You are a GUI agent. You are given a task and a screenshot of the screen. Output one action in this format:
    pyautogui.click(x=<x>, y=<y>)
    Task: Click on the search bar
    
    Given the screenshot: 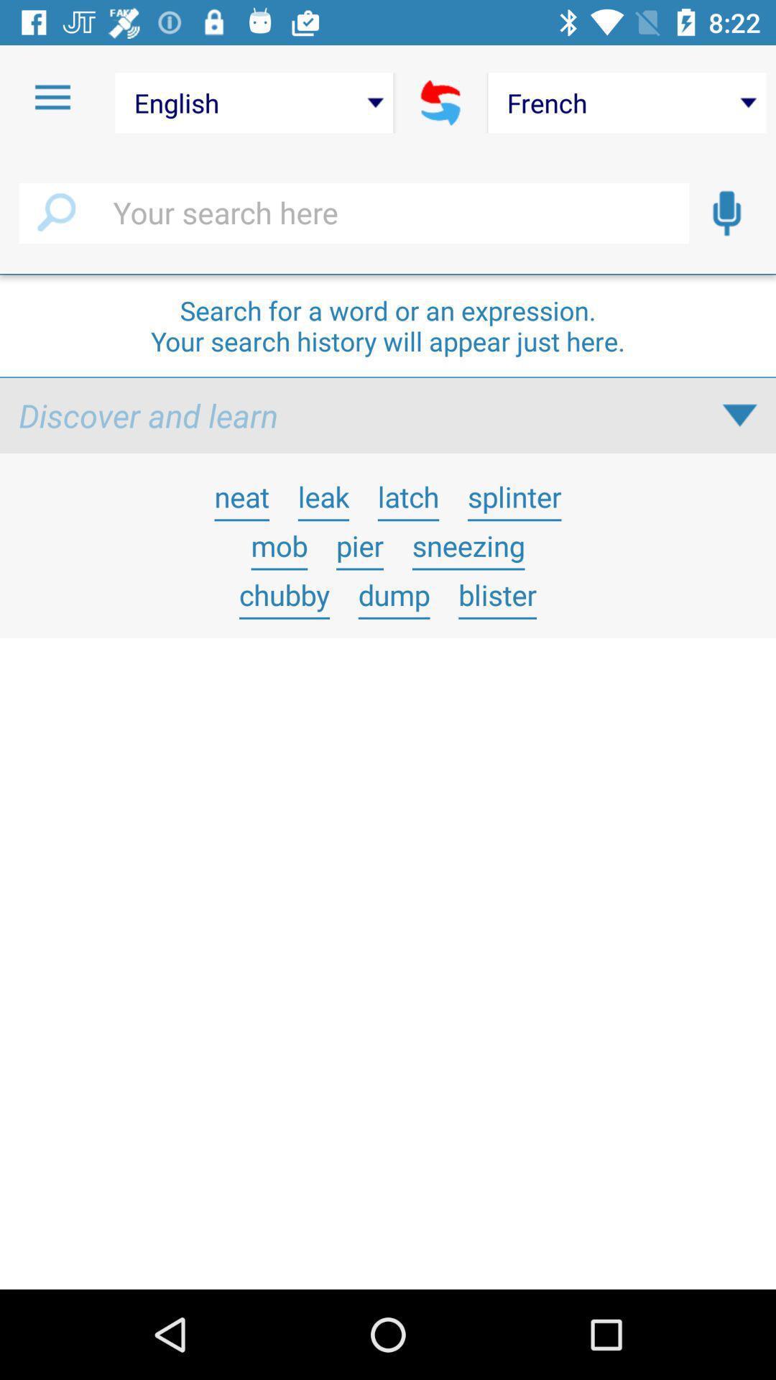 What is the action you would take?
    pyautogui.click(x=354, y=213)
    